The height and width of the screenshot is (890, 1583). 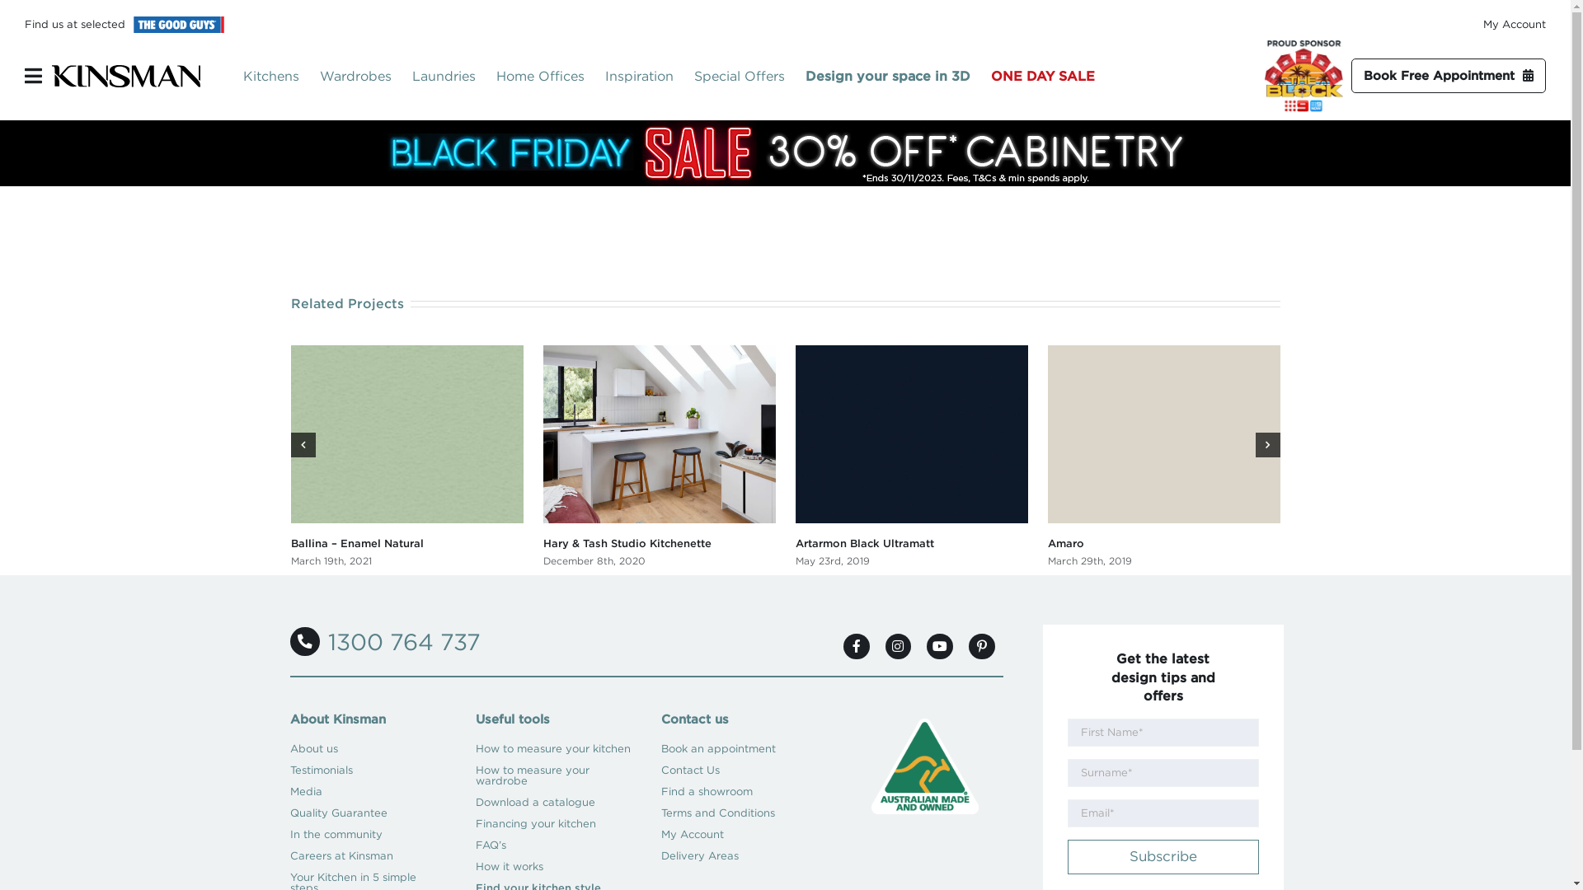 I want to click on 'How to measure your wardrobe', so click(x=474, y=775).